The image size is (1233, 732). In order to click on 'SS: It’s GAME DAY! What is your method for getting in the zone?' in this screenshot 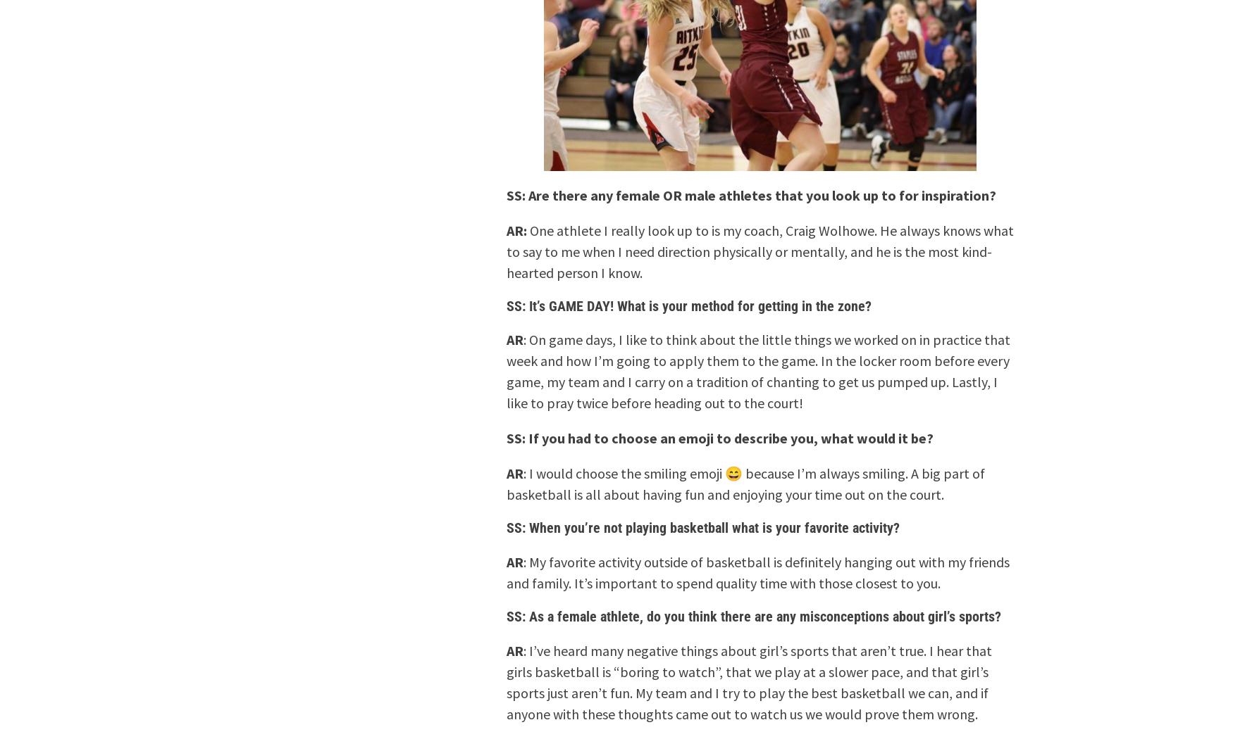, I will do `click(689, 305)`.